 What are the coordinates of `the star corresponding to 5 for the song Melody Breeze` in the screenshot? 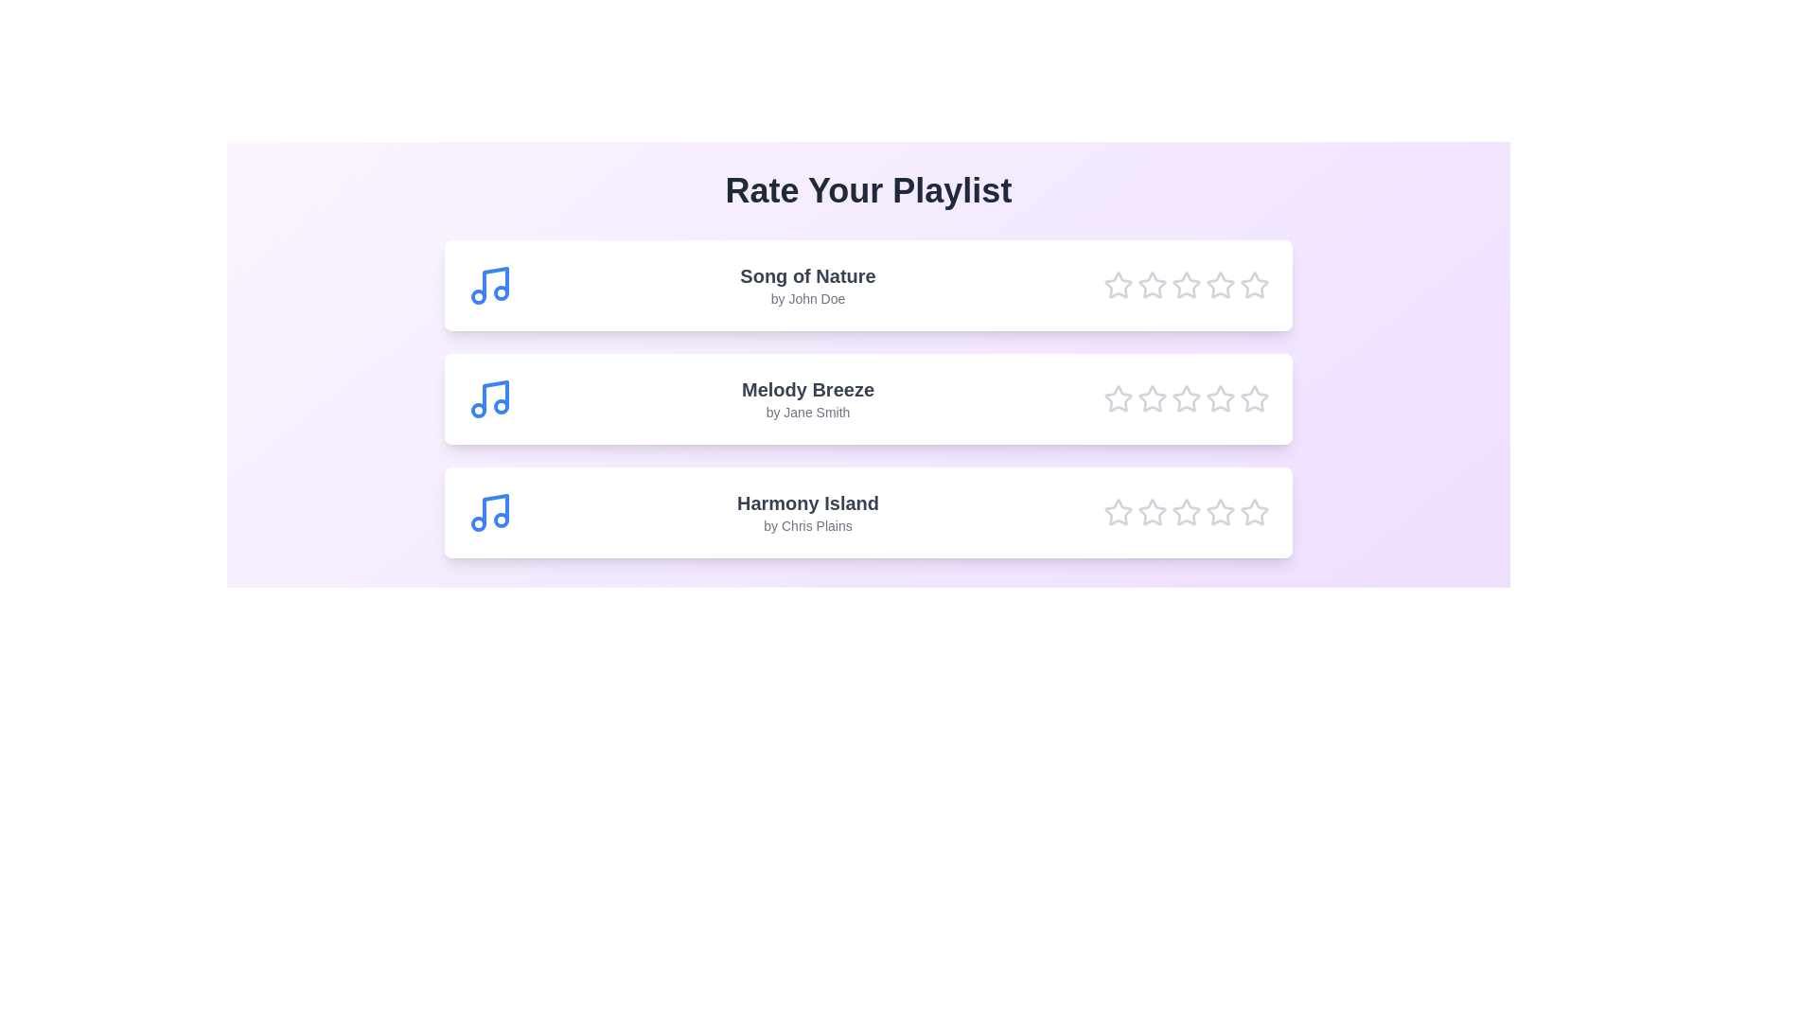 It's located at (1254, 397).